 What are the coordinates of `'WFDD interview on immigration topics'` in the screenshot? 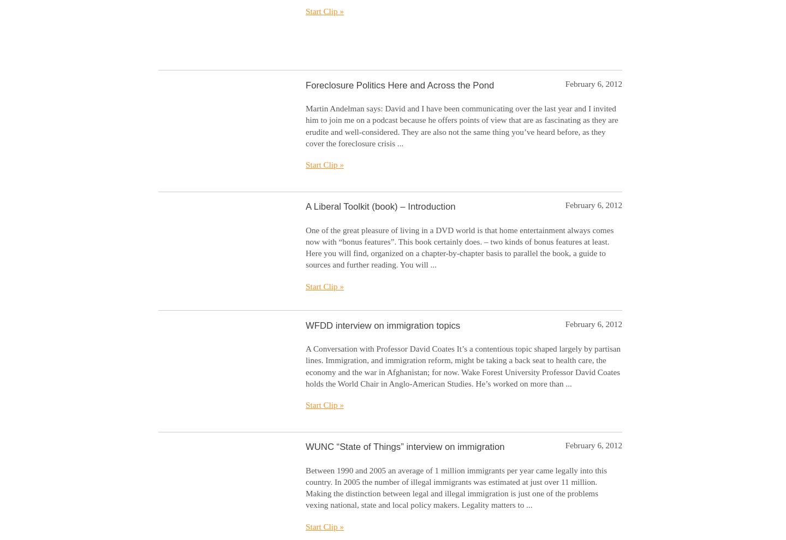 It's located at (306, 324).